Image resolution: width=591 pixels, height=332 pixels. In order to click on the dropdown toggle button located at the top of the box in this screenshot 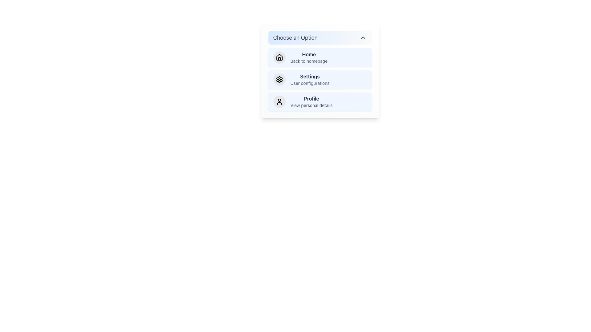, I will do `click(320, 38)`.